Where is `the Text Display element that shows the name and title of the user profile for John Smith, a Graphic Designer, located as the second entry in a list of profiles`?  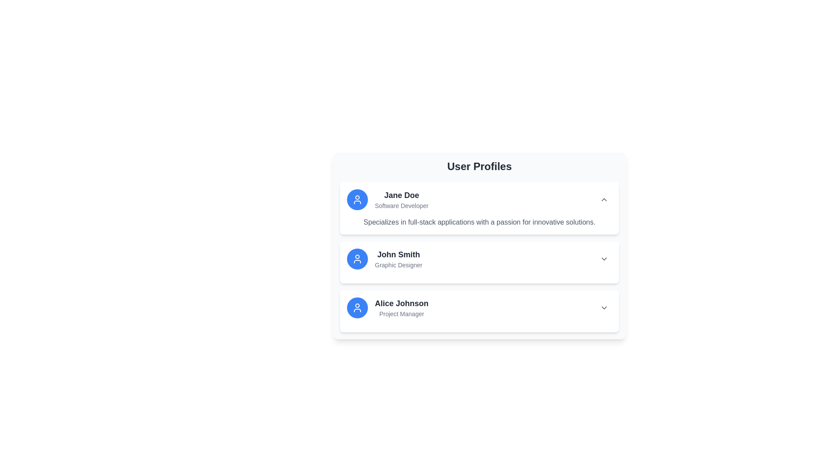
the Text Display element that shows the name and title of the user profile for John Smith, a Graphic Designer, located as the second entry in a list of profiles is located at coordinates (398, 259).